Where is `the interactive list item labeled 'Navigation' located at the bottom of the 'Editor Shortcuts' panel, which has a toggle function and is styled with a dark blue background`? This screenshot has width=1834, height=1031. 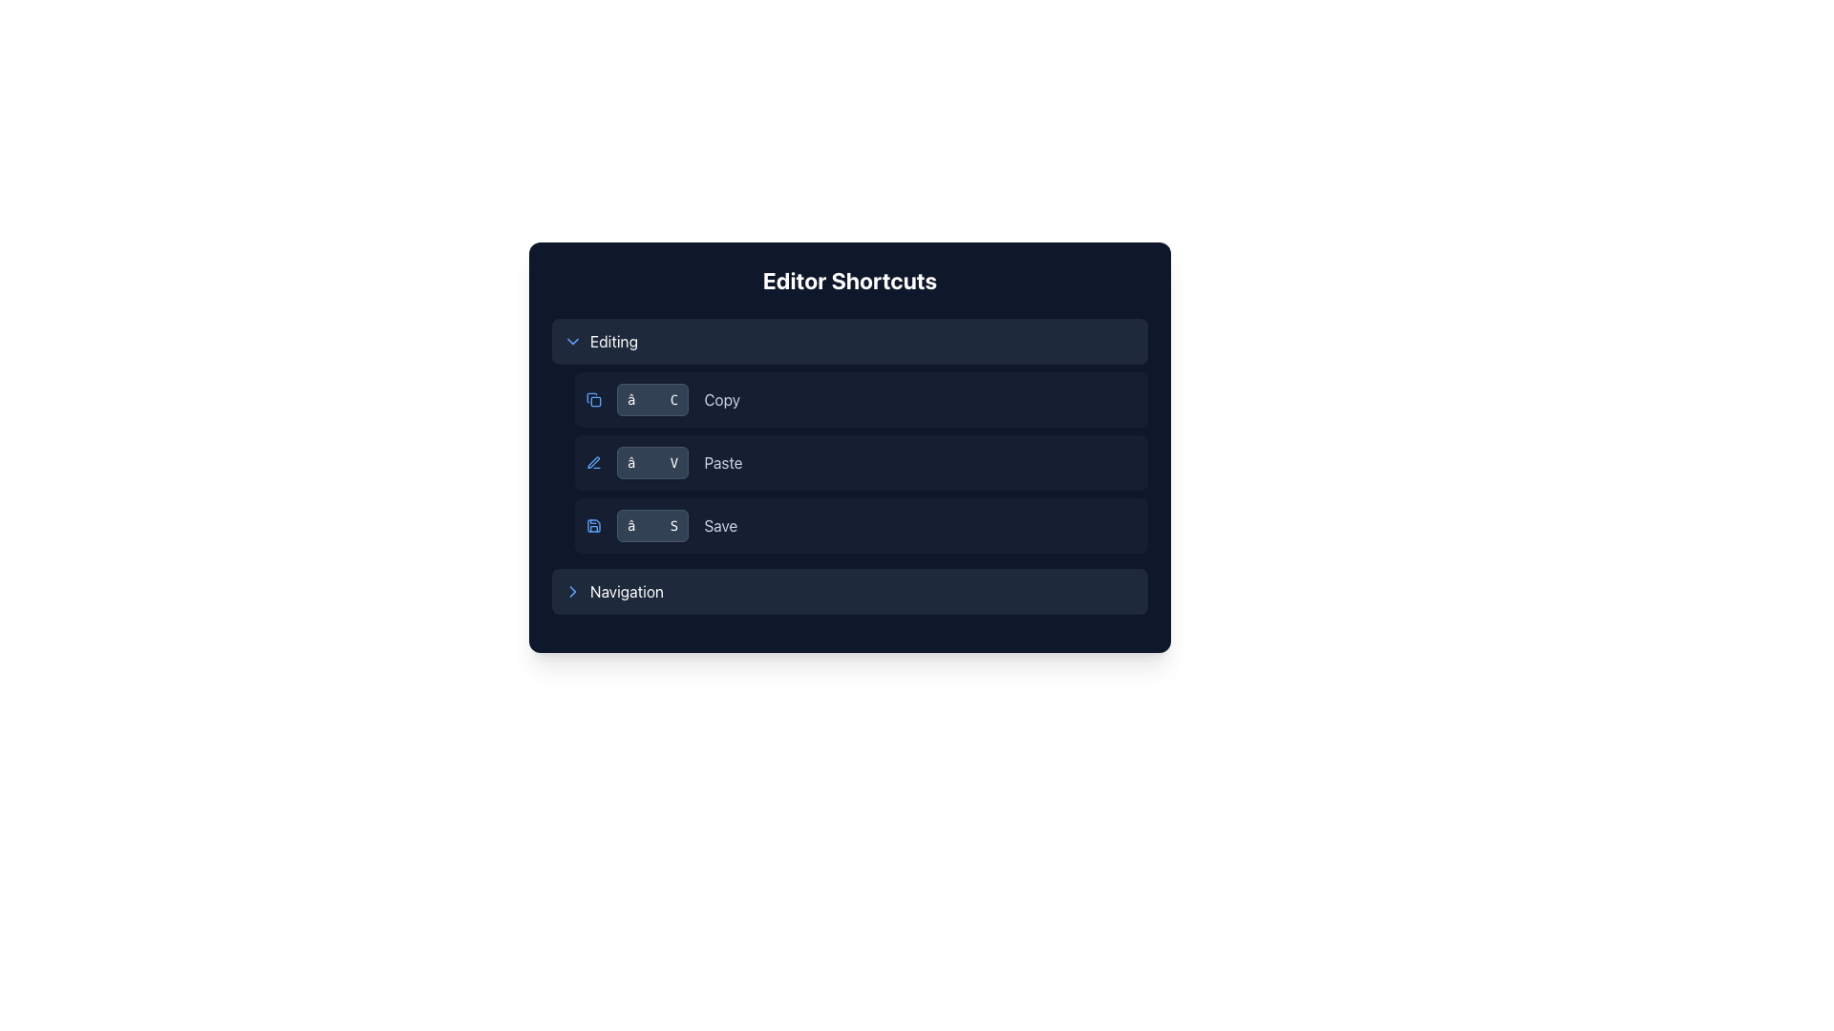
the interactive list item labeled 'Navigation' located at the bottom of the 'Editor Shortcuts' panel, which has a toggle function and is styled with a dark blue background is located at coordinates (848, 591).